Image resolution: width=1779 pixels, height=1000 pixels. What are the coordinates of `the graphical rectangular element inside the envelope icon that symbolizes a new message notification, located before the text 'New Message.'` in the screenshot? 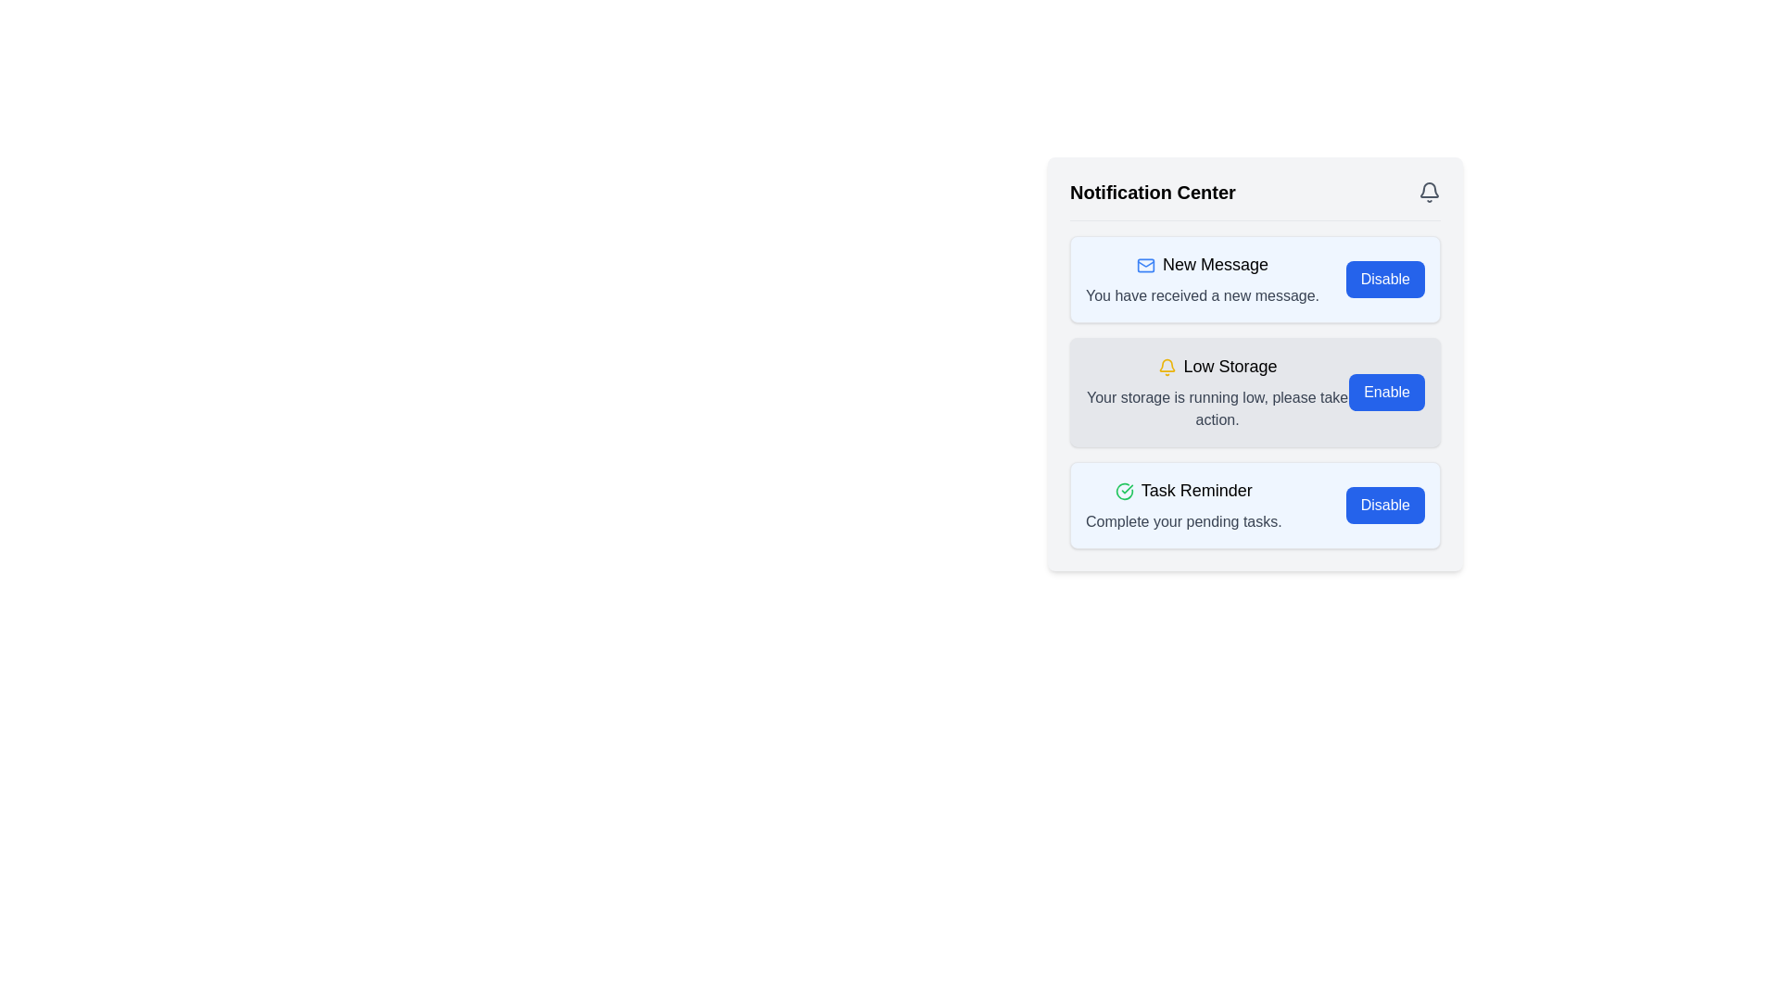 It's located at (1145, 266).